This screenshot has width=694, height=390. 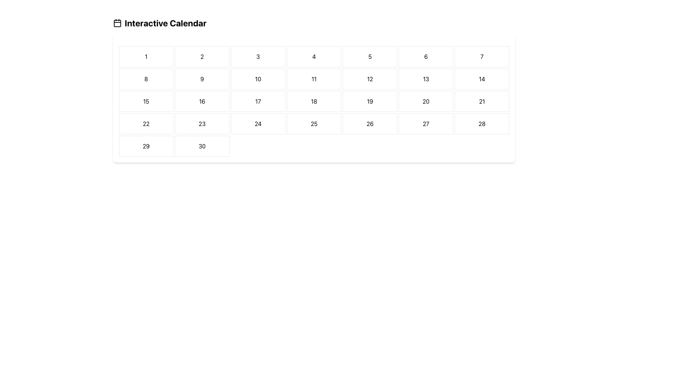 I want to click on the calendar tile displaying the number '27', so click(x=426, y=123).